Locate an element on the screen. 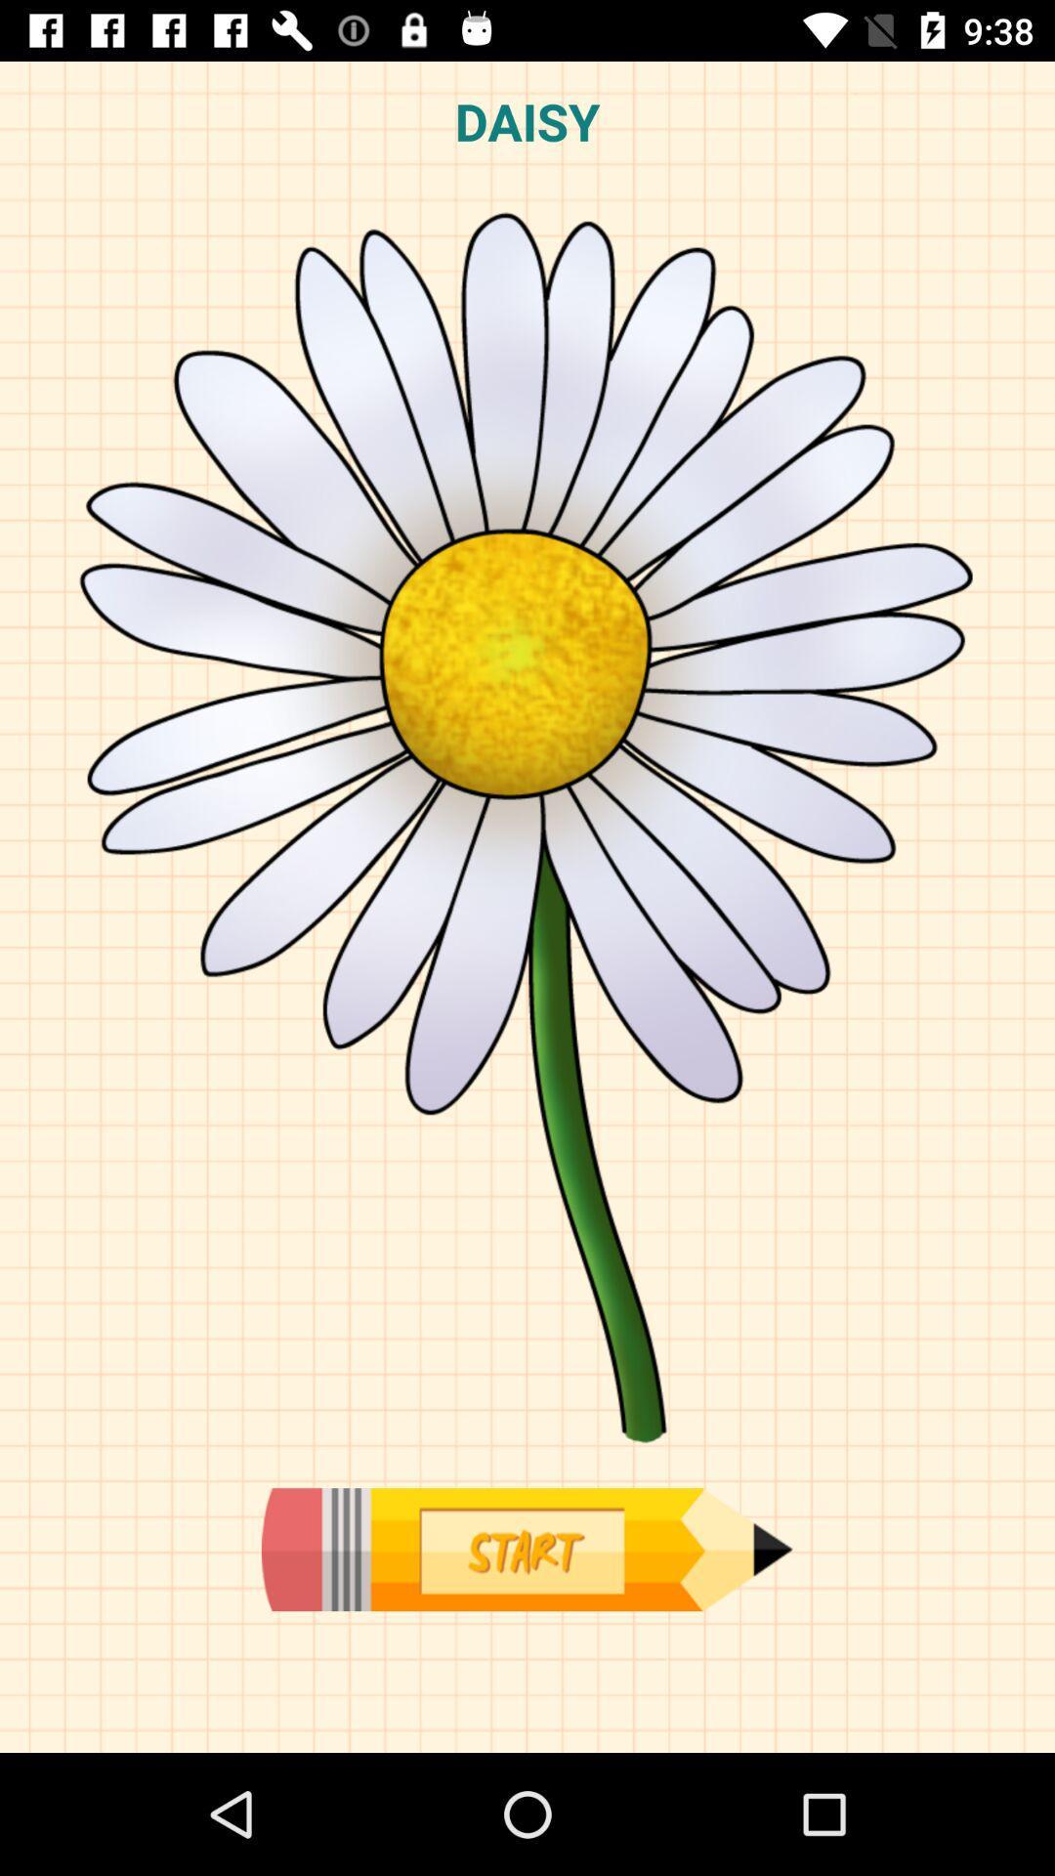  start button is located at coordinates (526, 1549).